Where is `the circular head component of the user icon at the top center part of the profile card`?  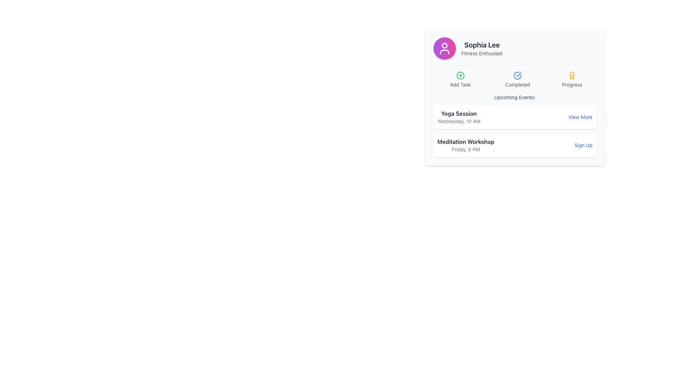
the circular head component of the user icon at the top center part of the profile card is located at coordinates (444, 45).